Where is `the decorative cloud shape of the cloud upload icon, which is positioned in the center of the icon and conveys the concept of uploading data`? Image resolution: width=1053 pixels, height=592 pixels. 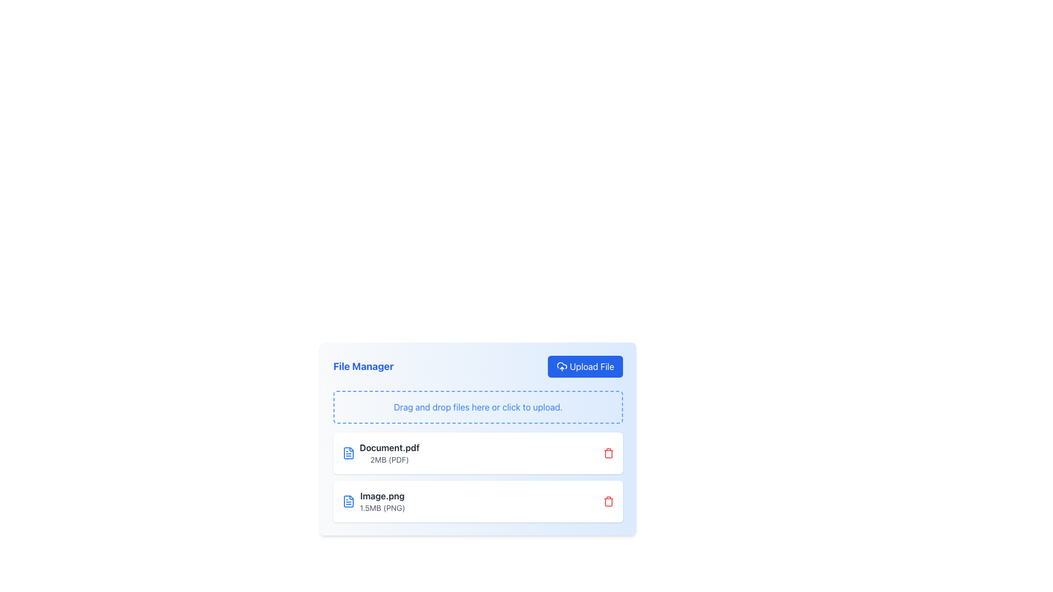 the decorative cloud shape of the cloud upload icon, which is positioned in the center of the icon and conveys the concept of uploading data is located at coordinates (562, 366).